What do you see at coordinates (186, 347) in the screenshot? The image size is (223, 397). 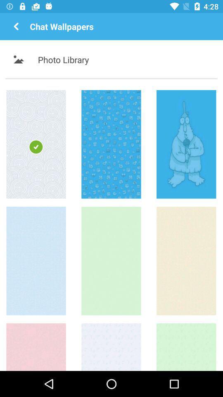 I see `the color which is on the bottom right corner of the page` at bounding box center [186, 347].